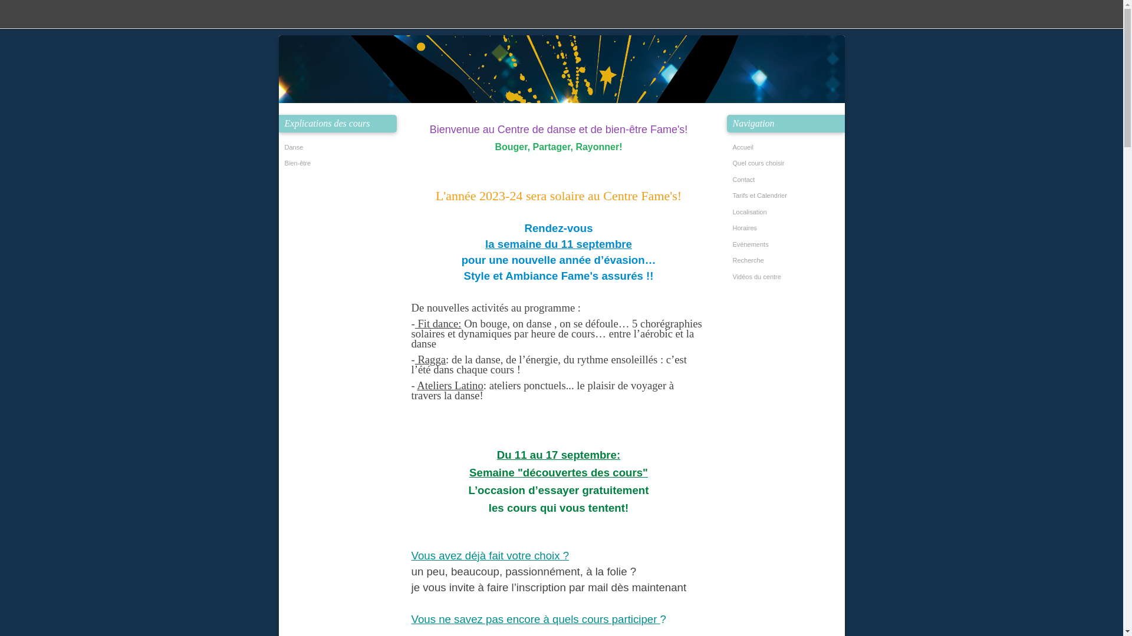 This screenshot has height=636, width=1132. I want to click on 'Tarifs et Calendrier', so click(787, 195).